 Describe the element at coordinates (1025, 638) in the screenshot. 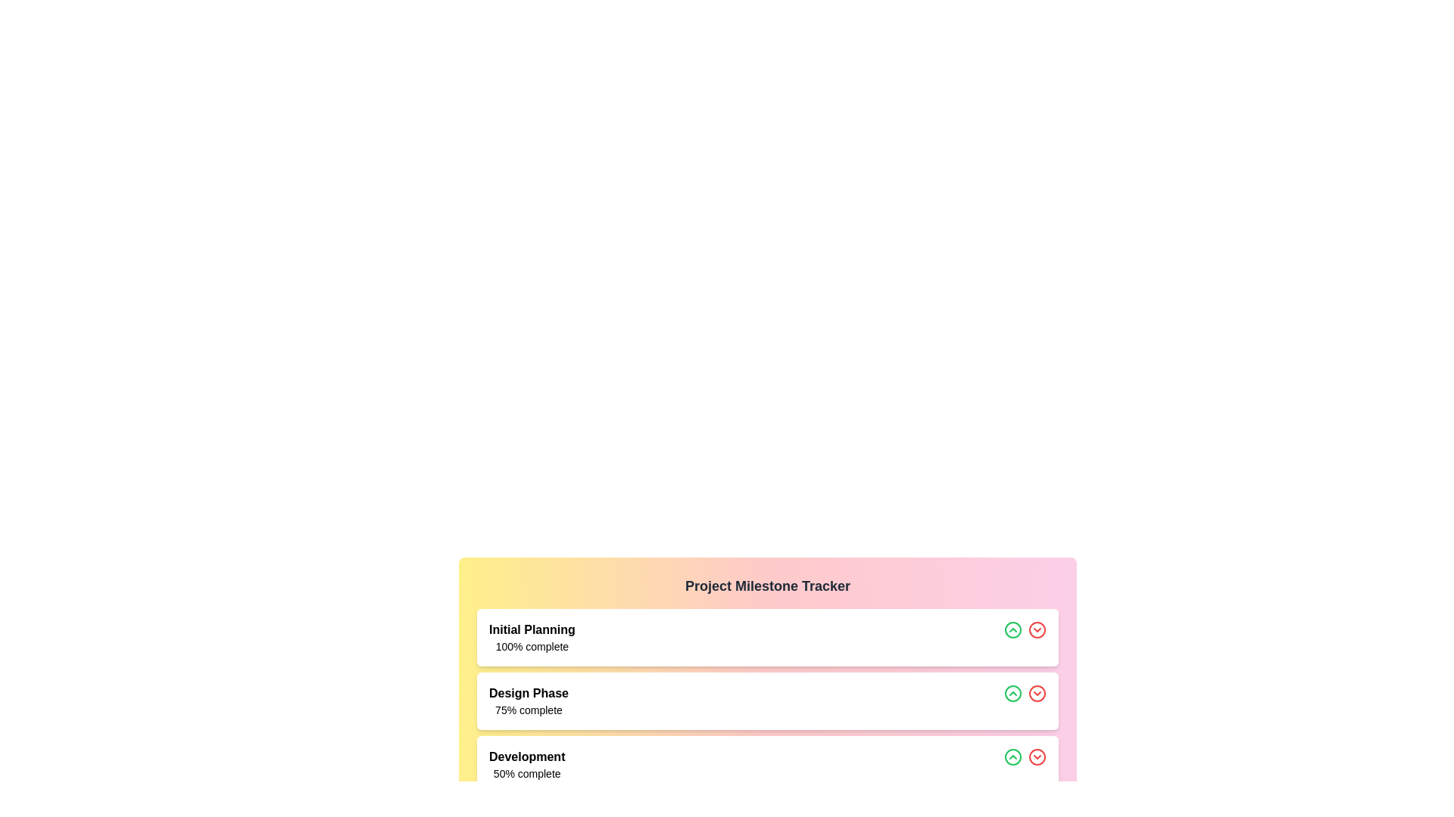

I see `the interactive control panel with two buttons, which includes a green upward arrow on the left and a red downward arrow on the right, located in the 'Initial Planning' milestone row of the 'Project Milestone Tracker' interface` at that location.